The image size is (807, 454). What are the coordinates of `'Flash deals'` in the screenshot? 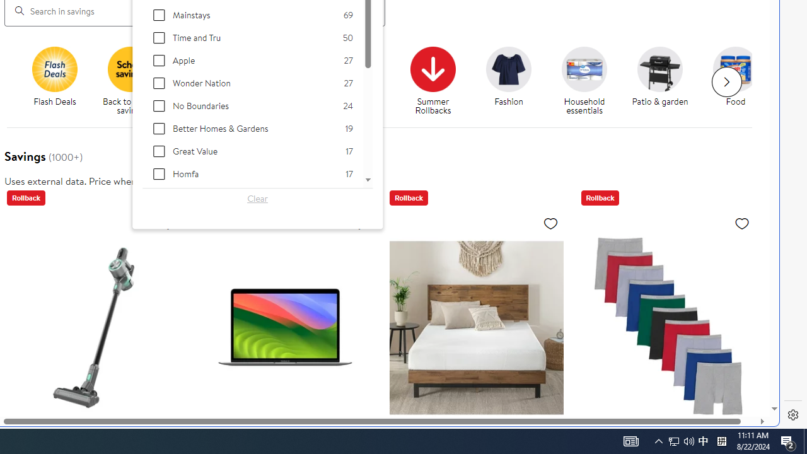 It's located at (54, 69).